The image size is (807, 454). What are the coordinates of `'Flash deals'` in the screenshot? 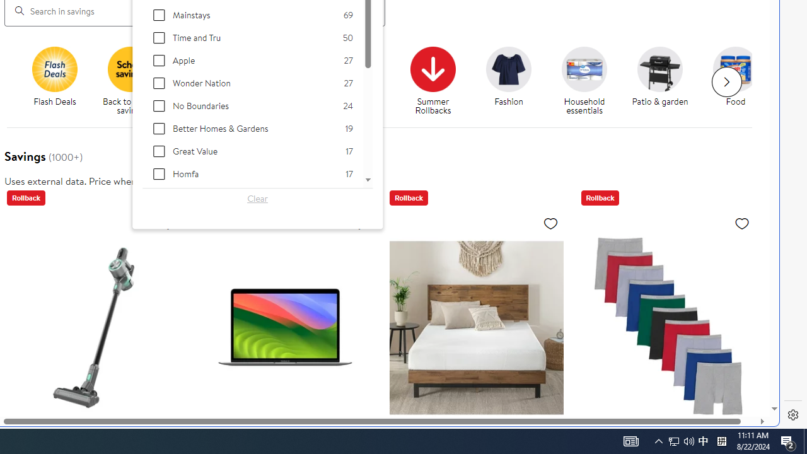 It's located at (54, 69).